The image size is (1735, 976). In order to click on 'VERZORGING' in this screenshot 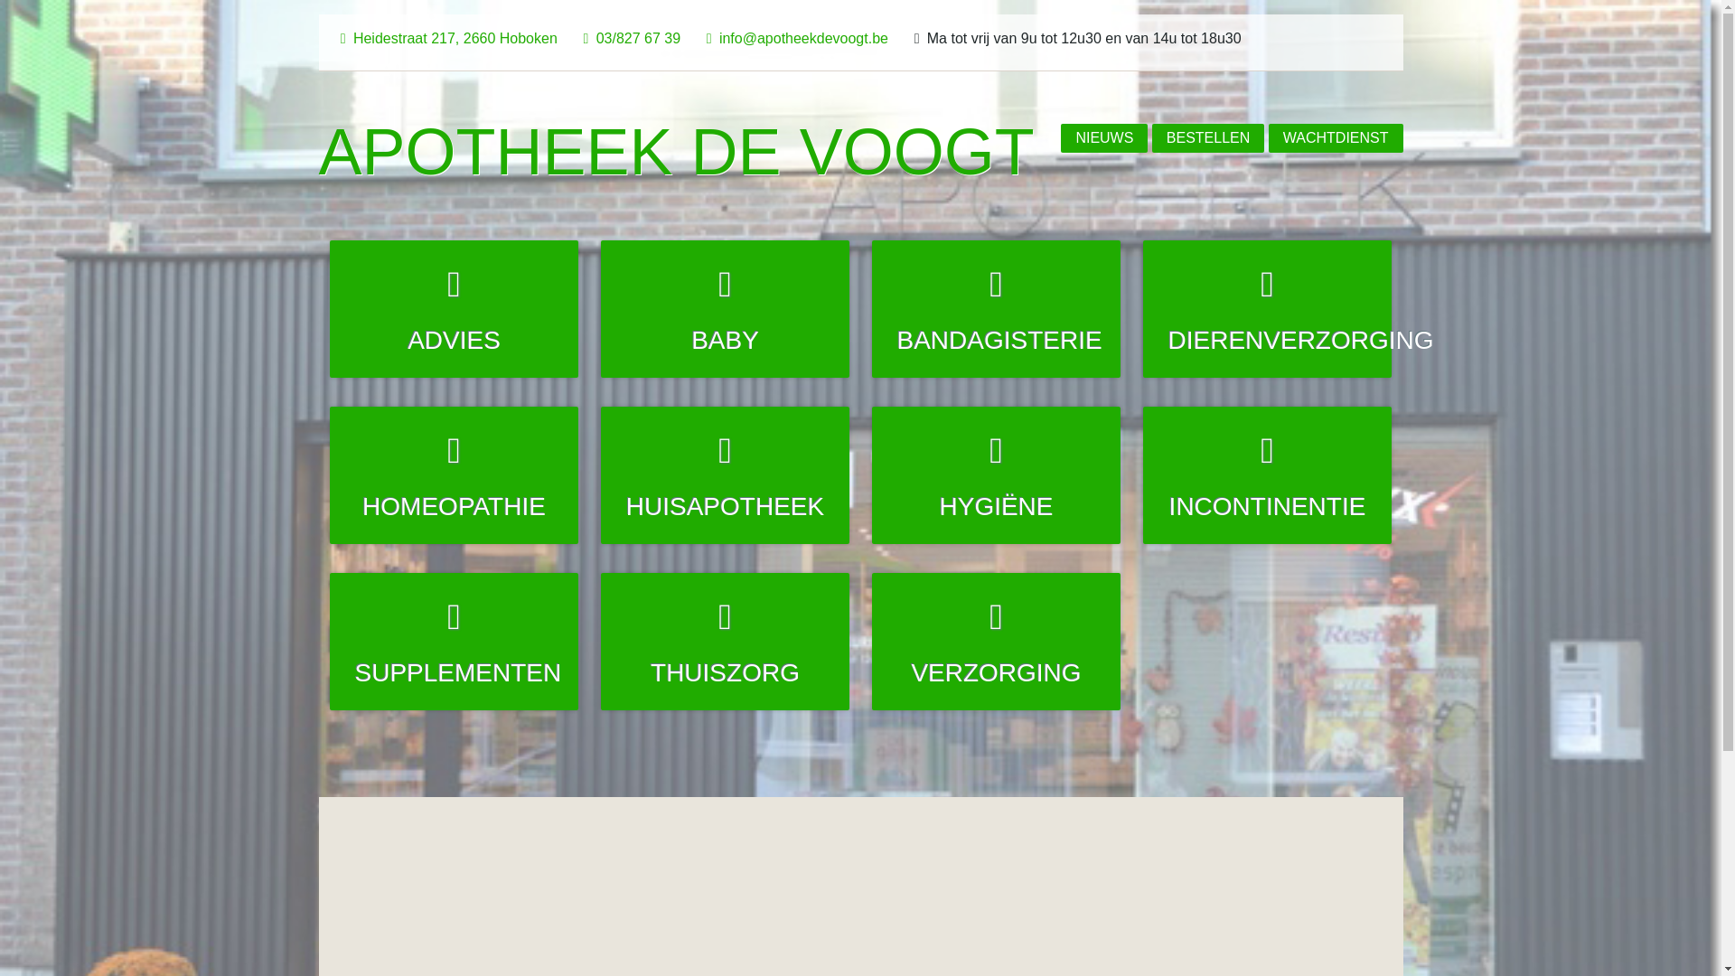, I will do `click(995, 640)`.